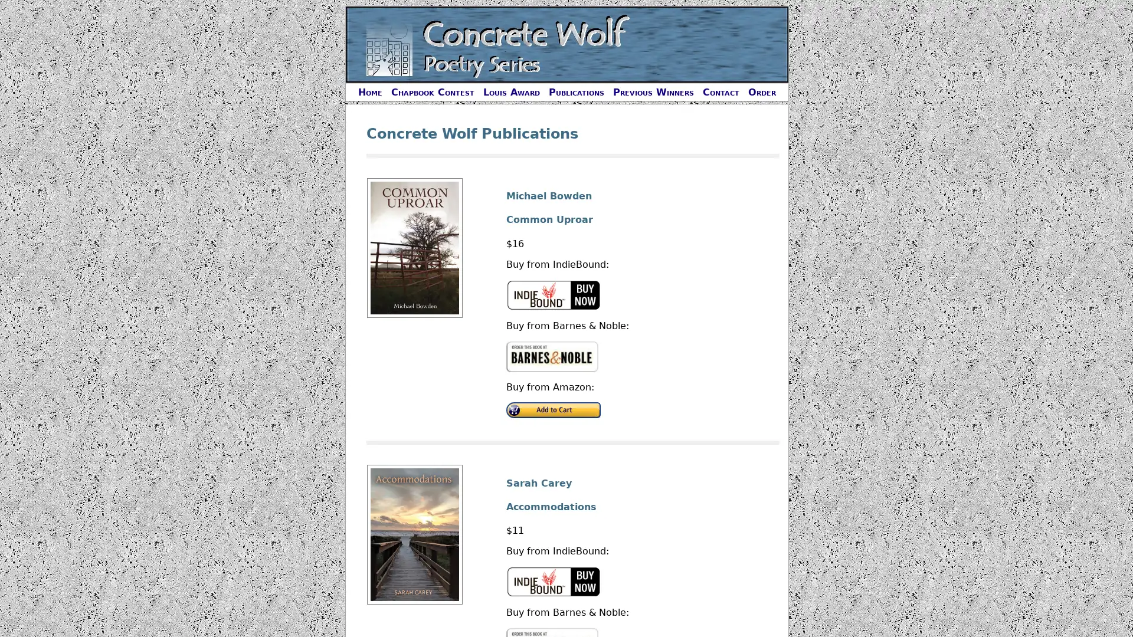 The image size is (1133, 637). Describe the element at coordinates (552, 409) in the screenshot. I see `Buy on Amazon.com` at that location.